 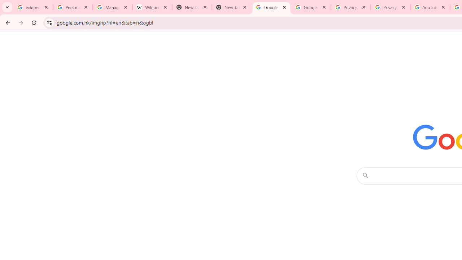 I want to click on 'Close', so click(x=443, y=7).